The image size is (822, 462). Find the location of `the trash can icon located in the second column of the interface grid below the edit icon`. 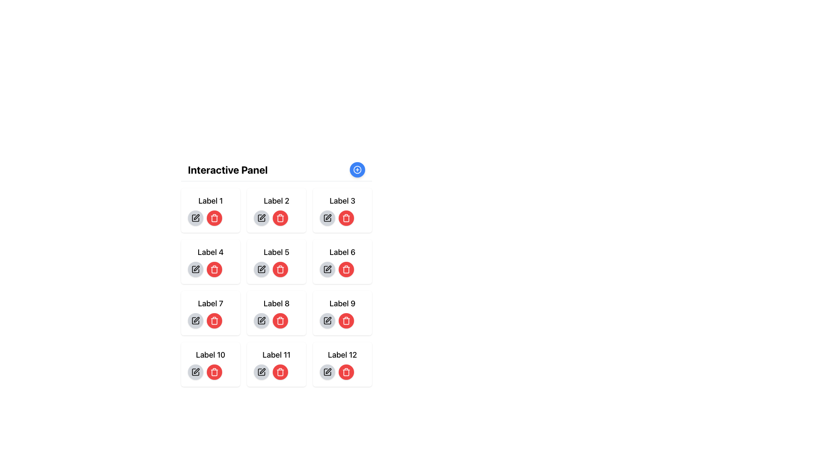

the trash can icon located in the second column of the interface grid below the edit icon is located at coordinates (280, 218).